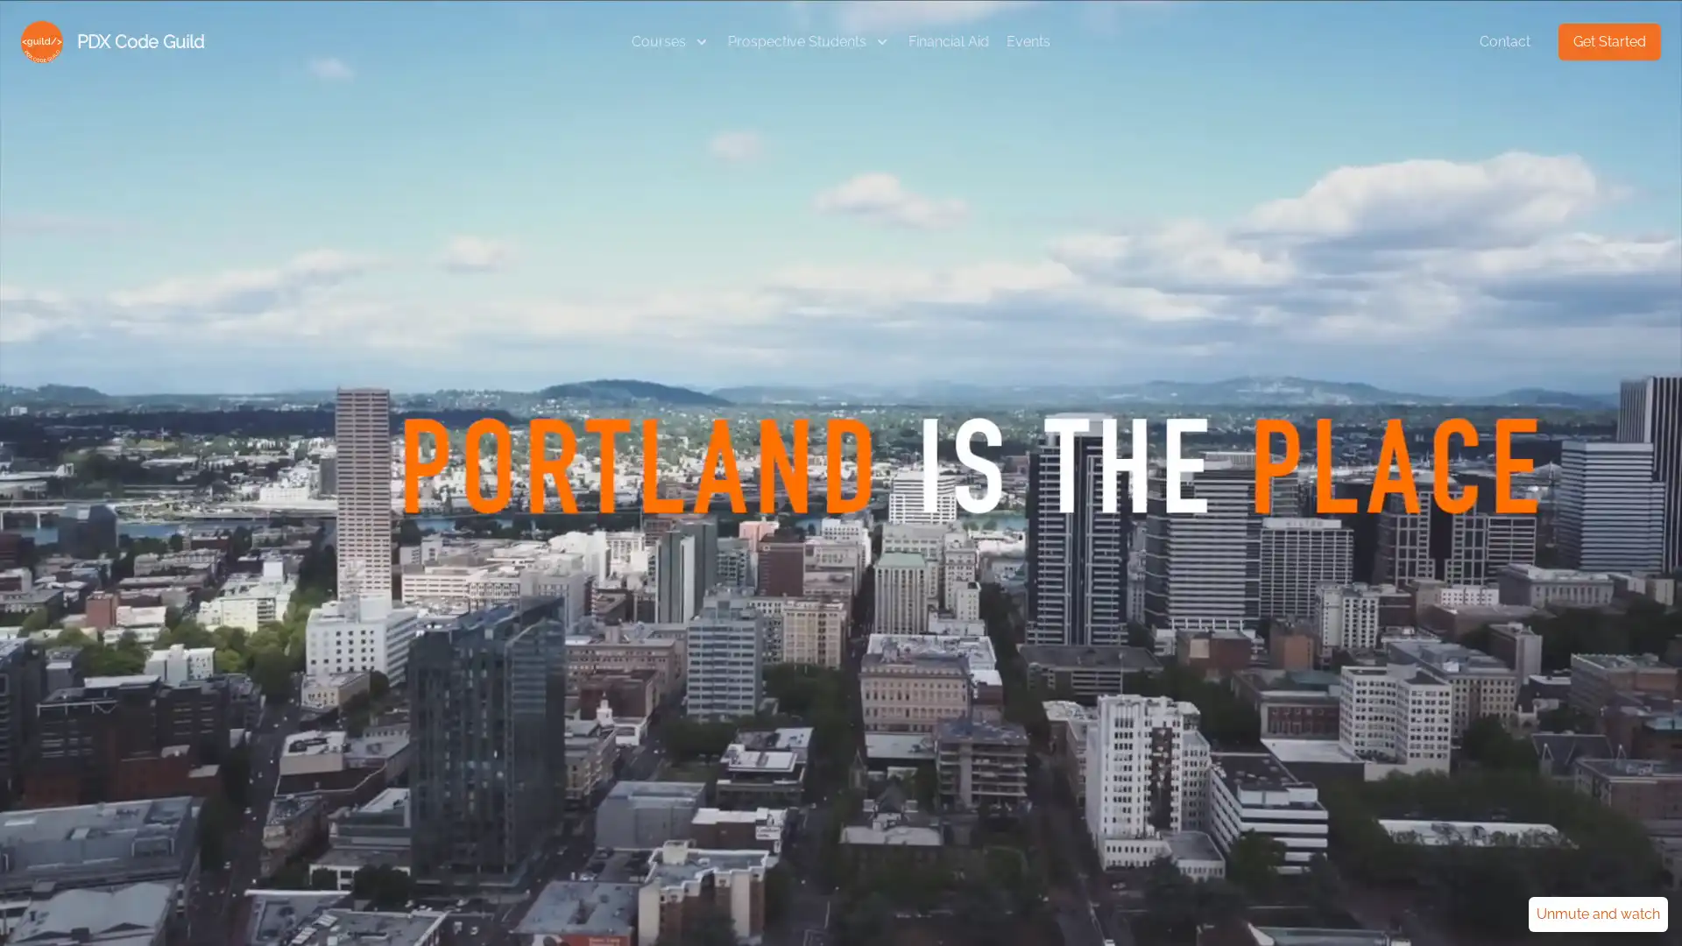 The height and width of the screenshot is (946, 1682). I want to click on Prospective Students, so click(808, 40).